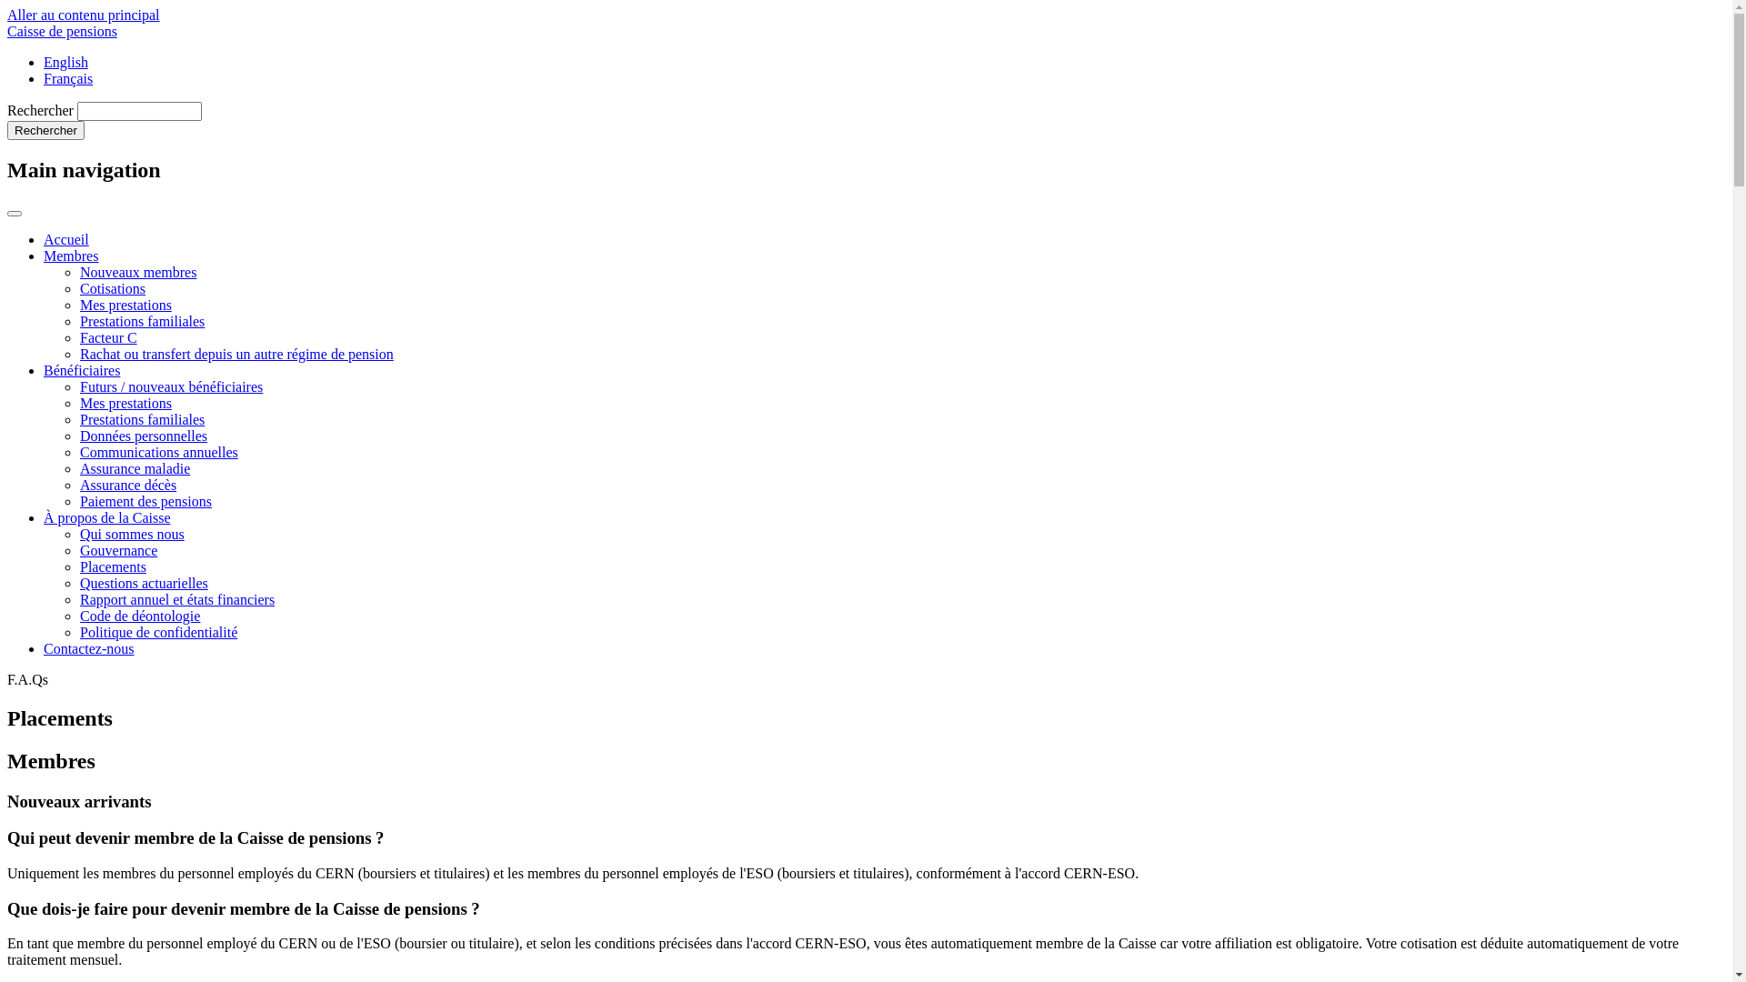 This screenshot has height=982, width=1746. I want to click on 'Rechercher', so click(45, 129).